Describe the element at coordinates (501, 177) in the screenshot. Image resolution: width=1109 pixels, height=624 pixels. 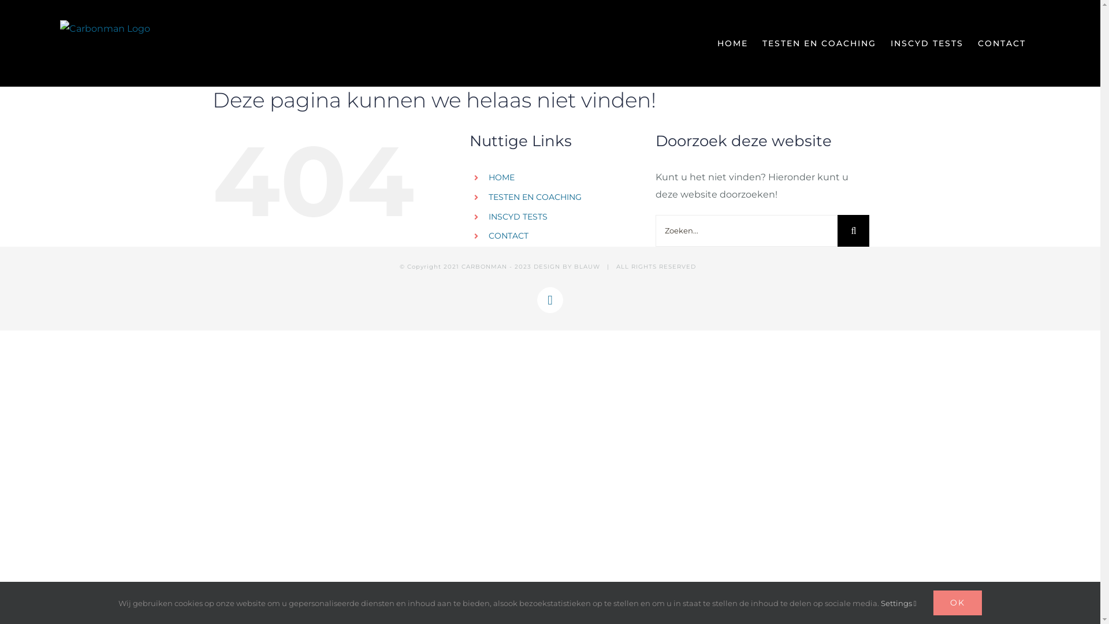
I see `'HOME'` at that location.